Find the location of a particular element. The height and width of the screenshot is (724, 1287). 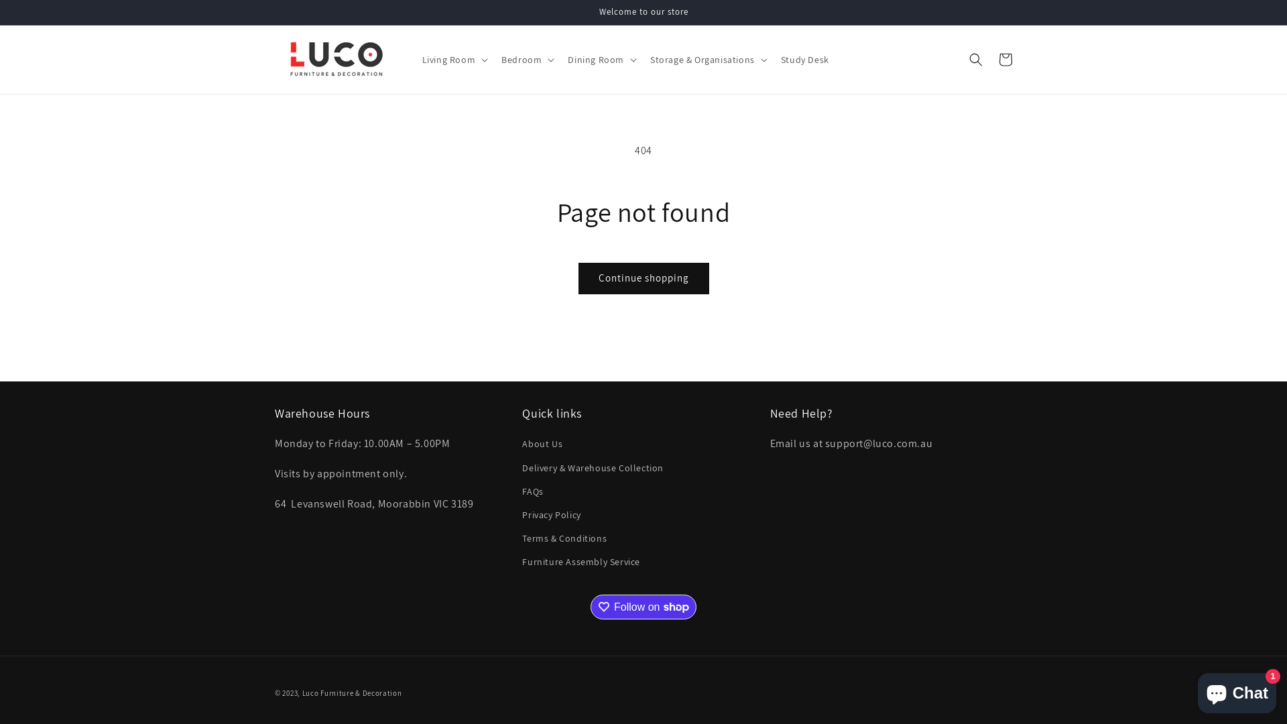

'About Us' is located at coordinates (542, 445).